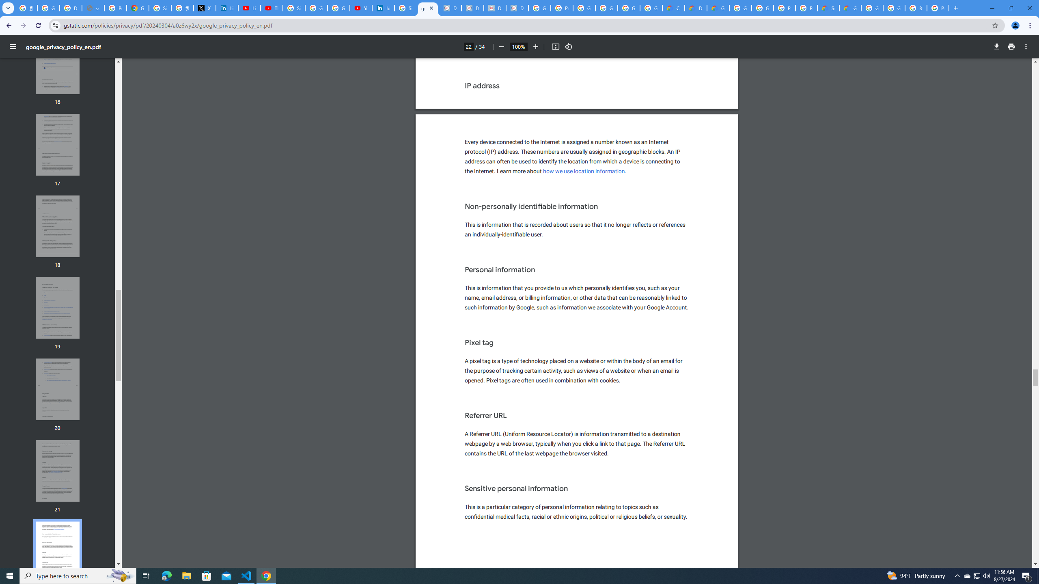  I want to click on 'Zoom level', so click(518, 46).